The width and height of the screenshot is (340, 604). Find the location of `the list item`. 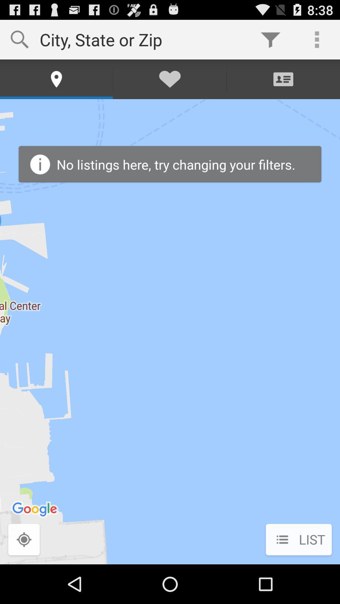

the list item is located at coordinates (298, 540).